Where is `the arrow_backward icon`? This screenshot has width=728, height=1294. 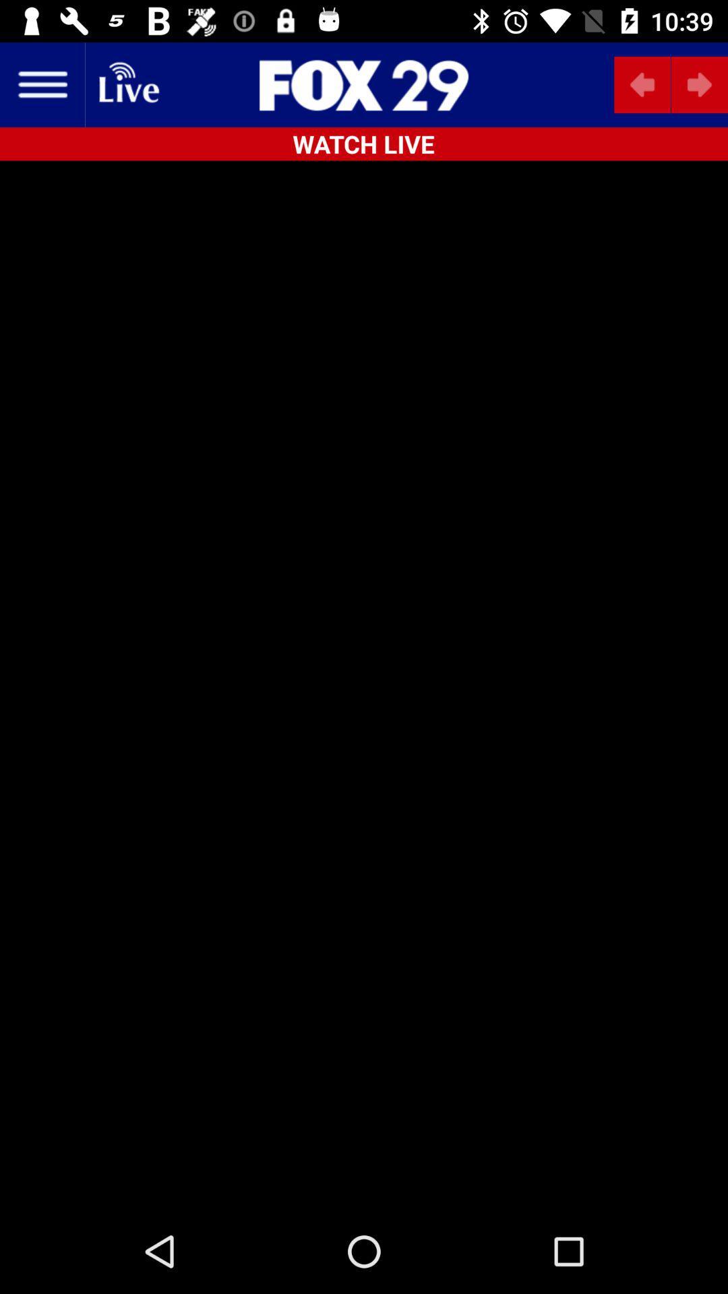 the arrow_backward icon is located at coordinates (642, 84).